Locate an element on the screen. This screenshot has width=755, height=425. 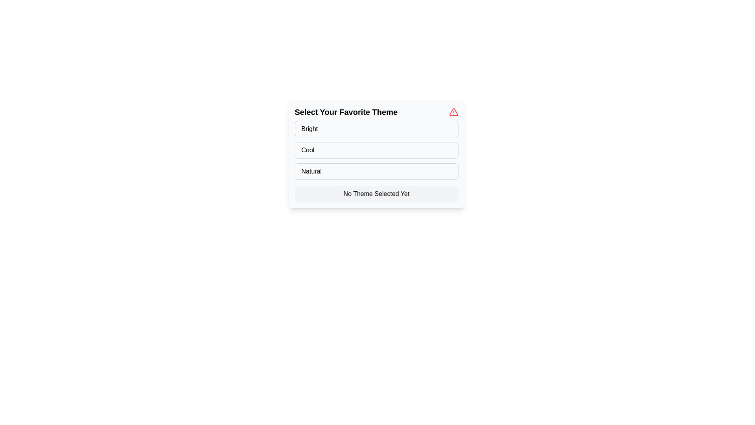
the text element displaying 'Select Your Favorite Theme' that is styled in bold and positioned at the top-left corner of the card layout is located at coordinates (346, 112).